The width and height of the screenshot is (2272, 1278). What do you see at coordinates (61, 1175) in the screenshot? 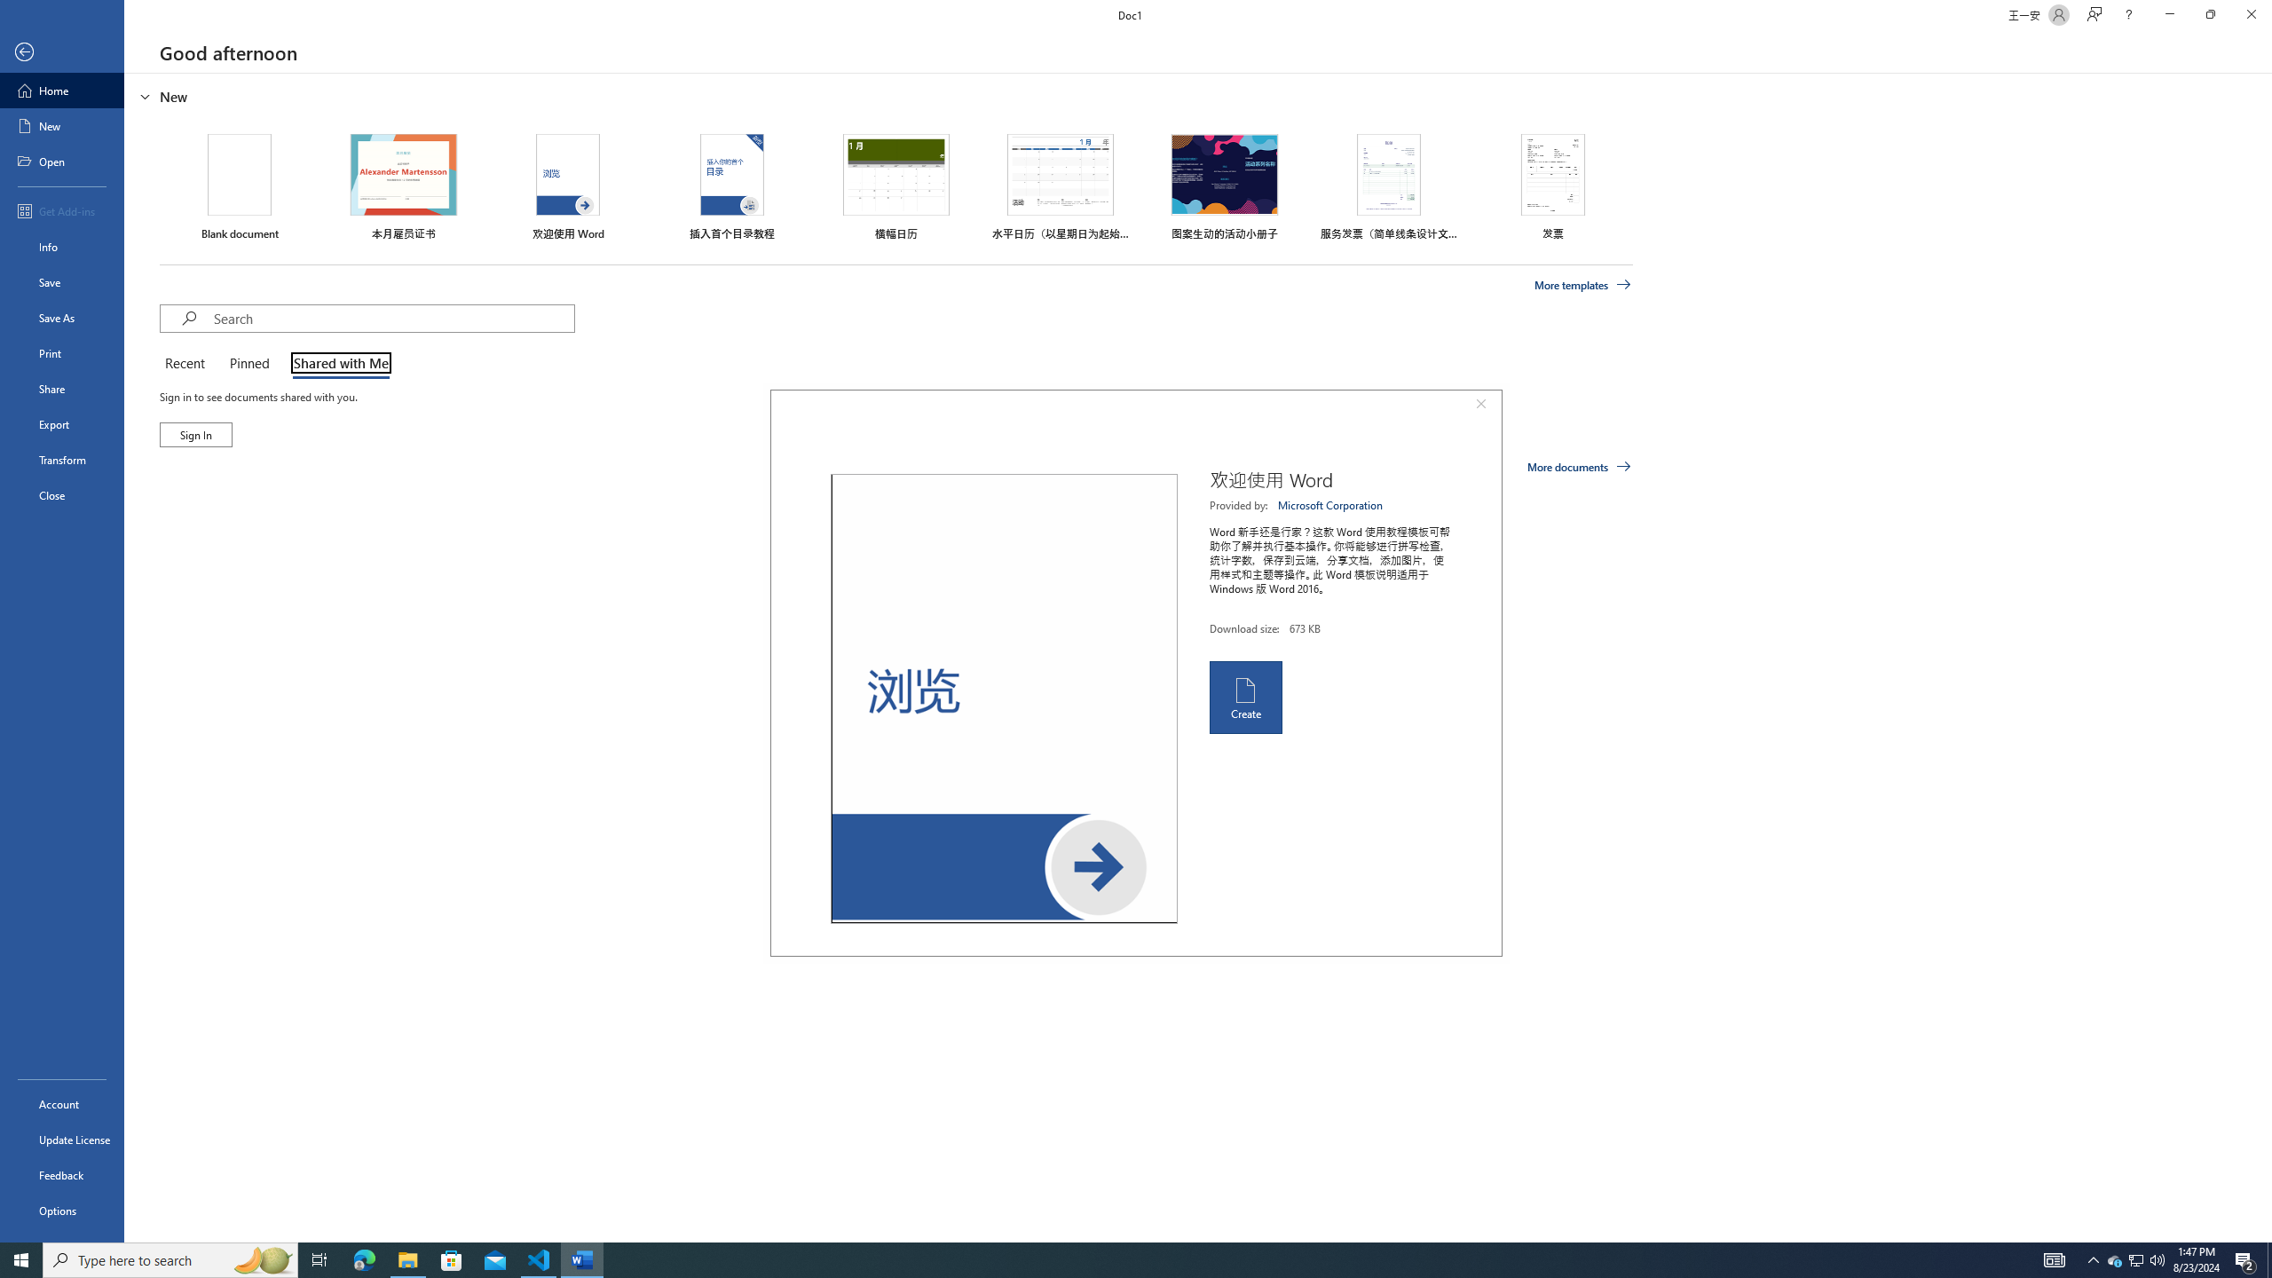
I see `'Feedback'` at bounding box center [61, 1175].